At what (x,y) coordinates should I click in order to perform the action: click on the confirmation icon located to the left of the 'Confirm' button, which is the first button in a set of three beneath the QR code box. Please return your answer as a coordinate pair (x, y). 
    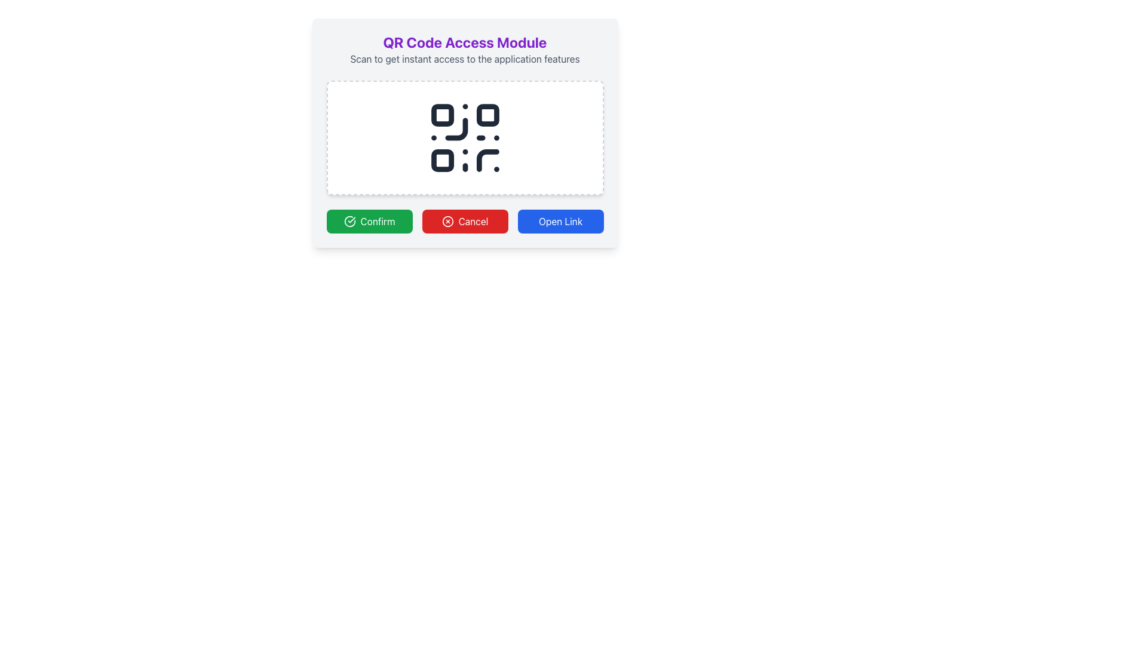
    Looking at the image, I should click on (349, 221).